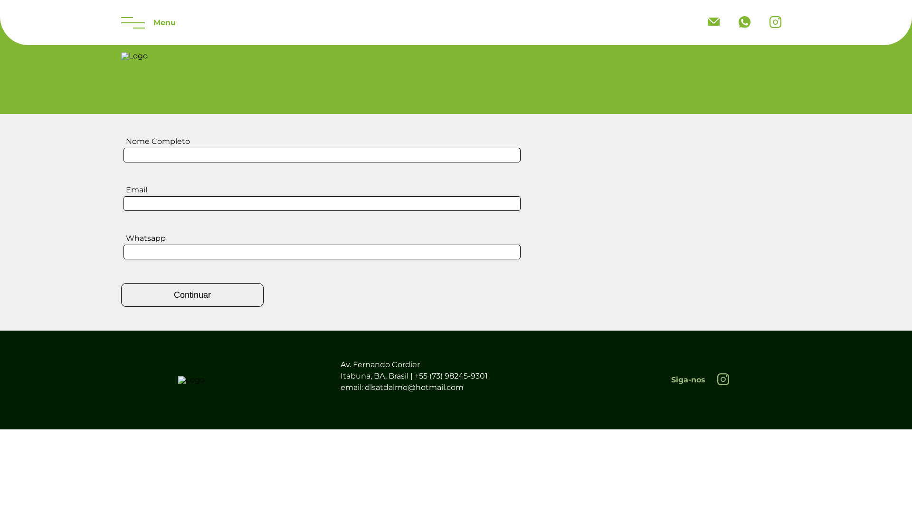 This screenshot has width=912, height=513. Describe the element at coordinates (759, 22) in the screenshot. I see `'https://www.instagram.com/'` at that location.